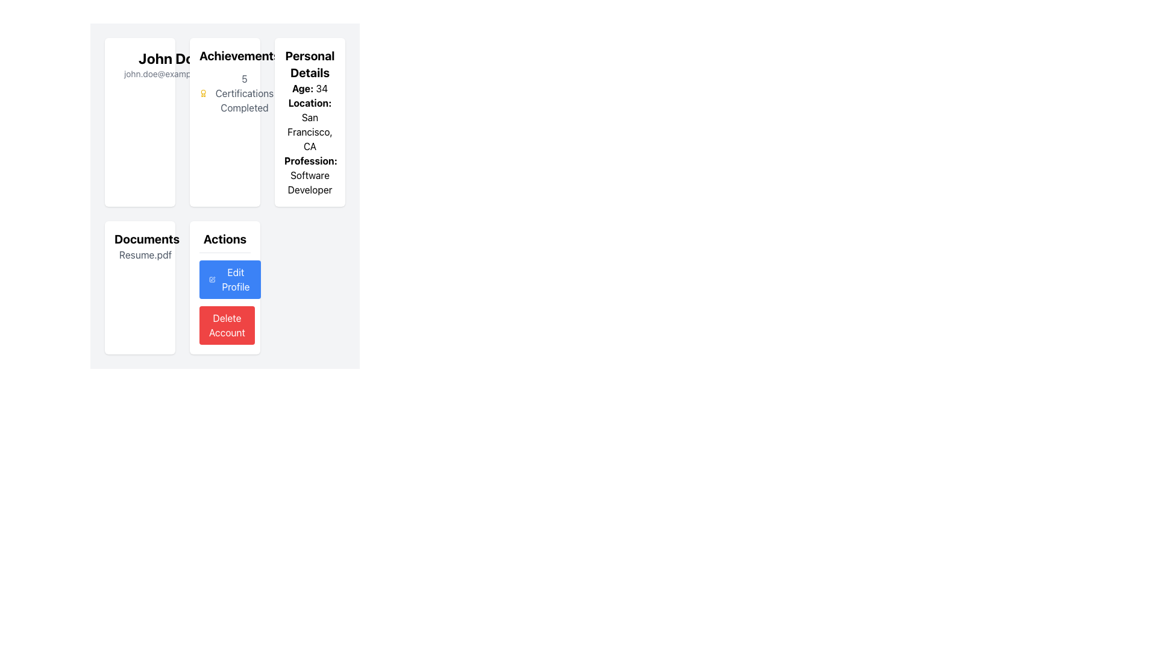 The height and width of the screenshot is (651, 1157). What do you see at coordinates (225, 288) in the screenshot?
I see `the action buttons in the card located in the bottom-right section of the layout` at bounding box center [225, 288].